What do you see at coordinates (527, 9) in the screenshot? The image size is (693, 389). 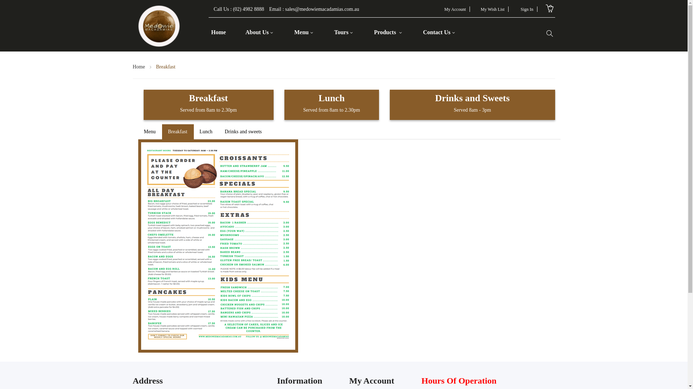 I see `'Sign In'` at bounding box center [527, 9].